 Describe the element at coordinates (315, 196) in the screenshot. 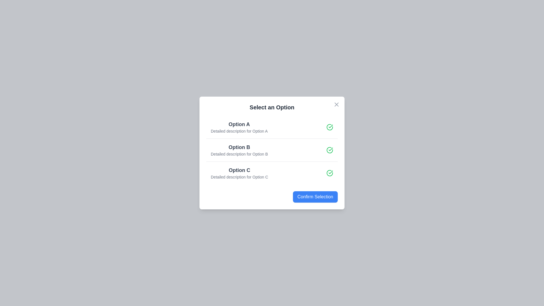

I see `the 'Confirm Selection' button to finalize the selection` at that location.